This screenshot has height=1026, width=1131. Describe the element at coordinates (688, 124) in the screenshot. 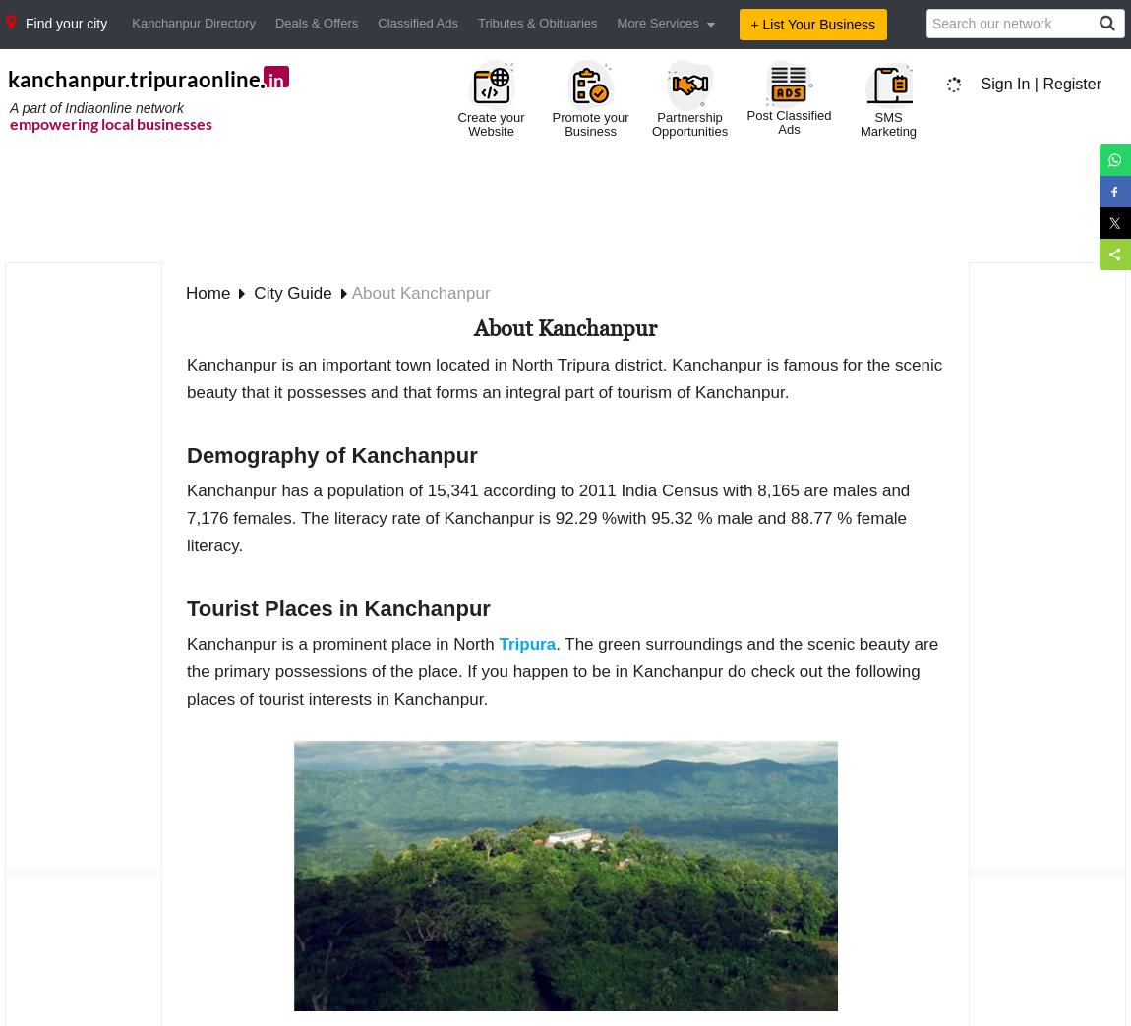

I see `'Partnership Opportunities'` at that location.